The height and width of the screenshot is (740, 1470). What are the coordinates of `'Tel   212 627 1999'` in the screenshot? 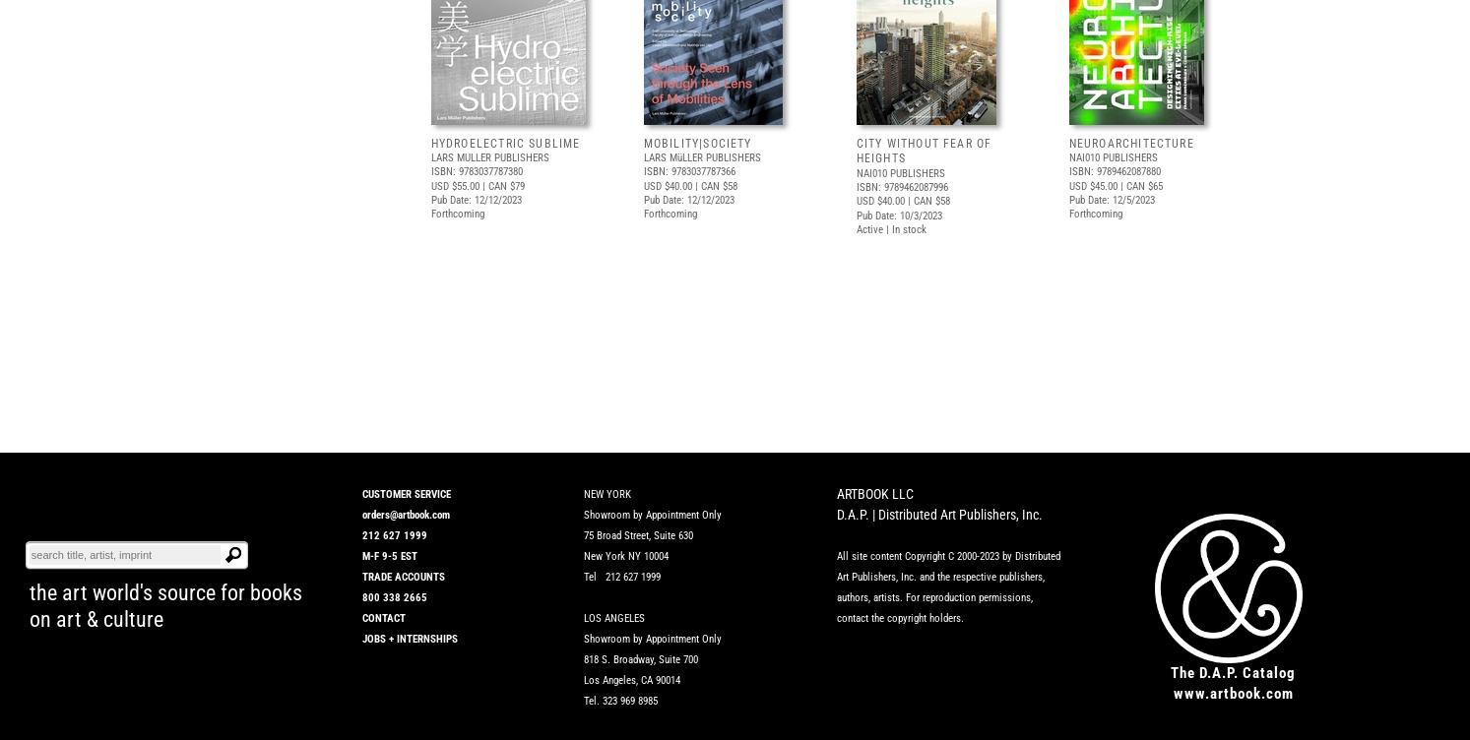 It's located at (621, 577).